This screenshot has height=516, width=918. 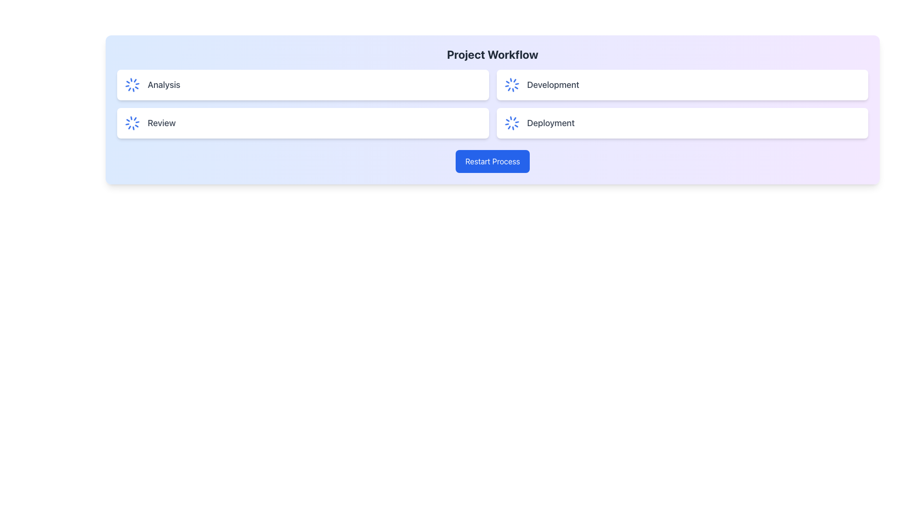 What do you see at coordinates (682, 84) in the screenshot?
I see `the 'Development' card, which is a white rectangular card with rounded corners located in the upper-right quadrant of the grid layout` at bounding box center [682, 84].